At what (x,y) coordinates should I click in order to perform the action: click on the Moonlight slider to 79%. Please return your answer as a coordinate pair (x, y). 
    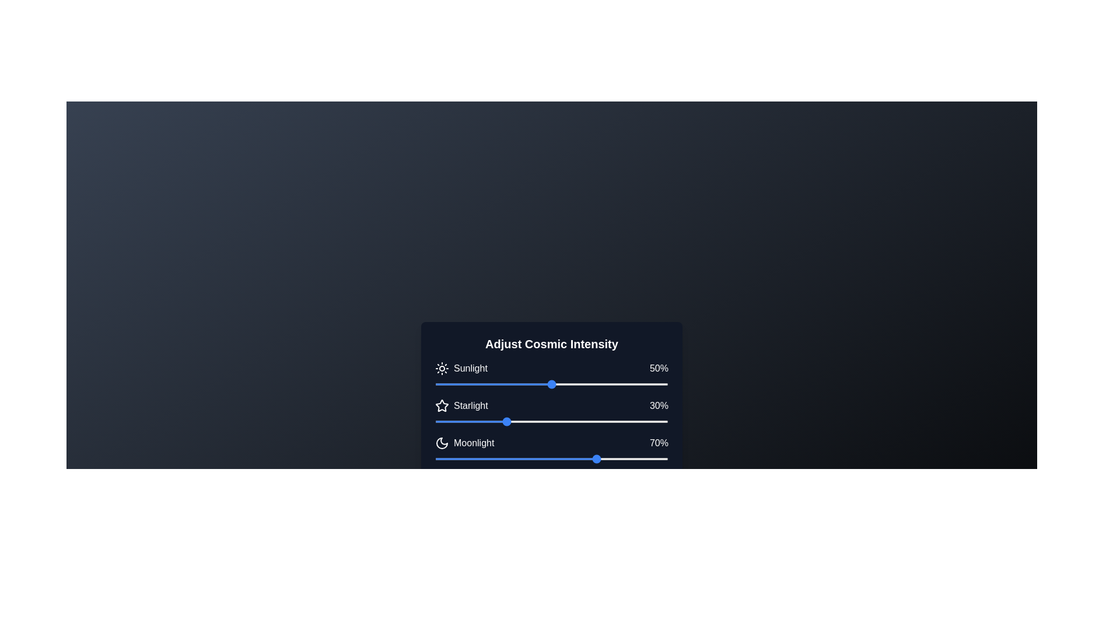
    Looking at the image, I should click on (618, 458).